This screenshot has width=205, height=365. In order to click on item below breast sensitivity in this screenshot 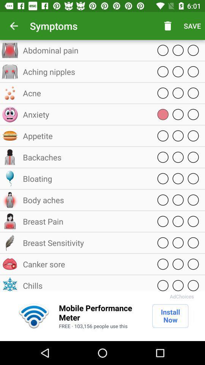, I will do `click(85, 264)`.